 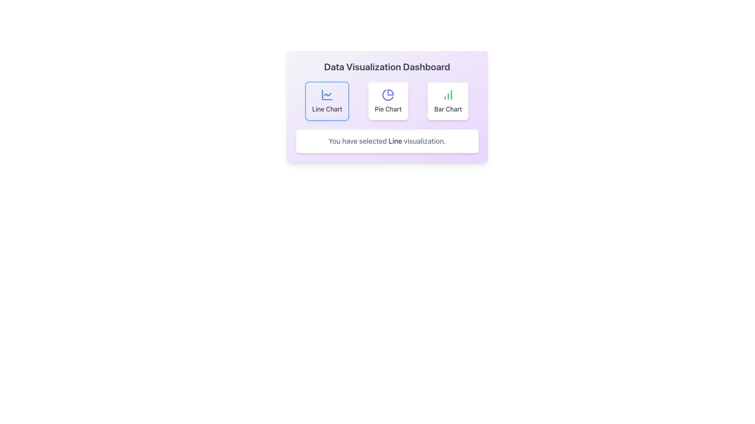 What do you see at coordinates (448, 101) in the screenshot?
I see `the button that visualizes data as a bar chart, which is the third card in a row of three cards, located to the right of the 'Pie Chart' card` at bounding box center [448, 101].